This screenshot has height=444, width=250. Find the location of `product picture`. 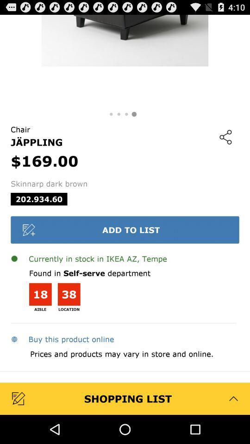

product picture is located at coordinates (125, 61).